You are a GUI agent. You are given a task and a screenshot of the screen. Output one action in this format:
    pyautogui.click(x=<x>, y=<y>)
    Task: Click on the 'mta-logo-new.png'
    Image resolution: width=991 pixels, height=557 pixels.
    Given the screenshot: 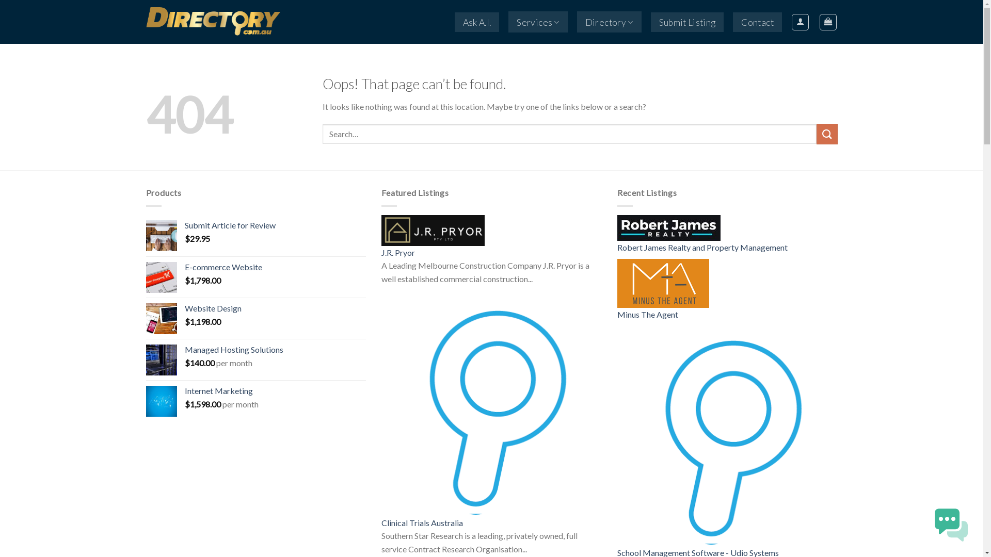 What is the action you would take?
    pyautogui.click(x=663, y=283)
    